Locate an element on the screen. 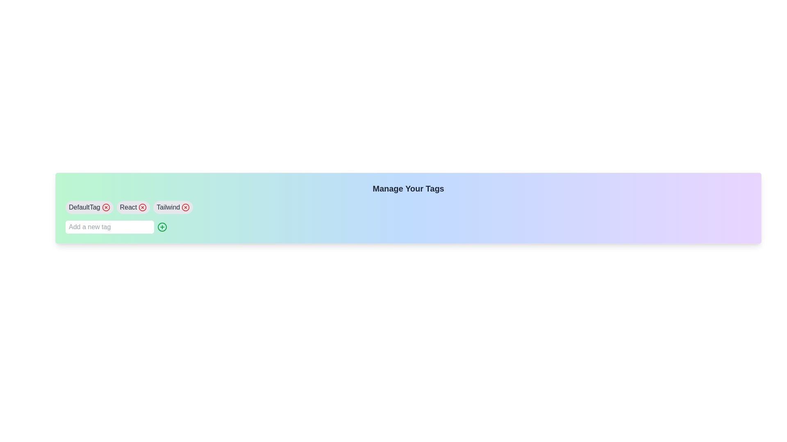  the 'Tailwind' tag element with a gray background and red 'X' icon is located at coordinates (173, 207).